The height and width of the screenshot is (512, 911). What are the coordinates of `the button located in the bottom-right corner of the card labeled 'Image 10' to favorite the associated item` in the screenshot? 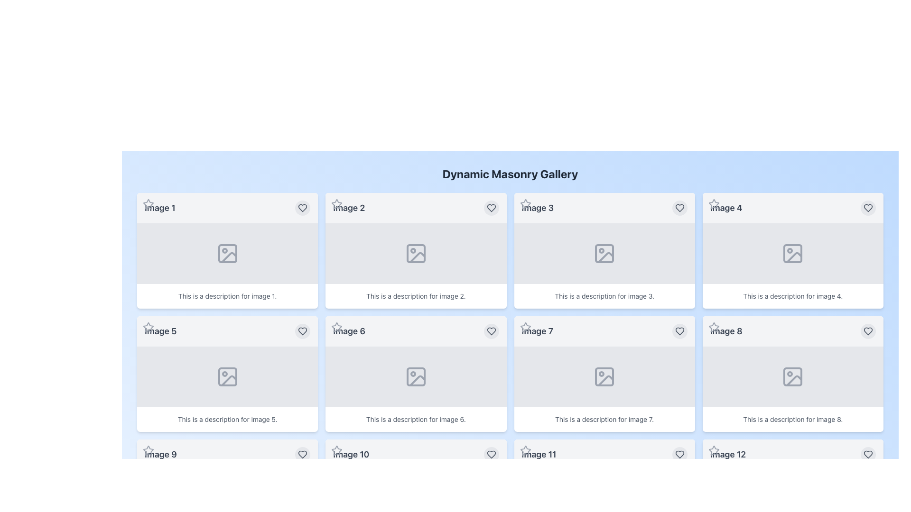 It's located at (491, 454).